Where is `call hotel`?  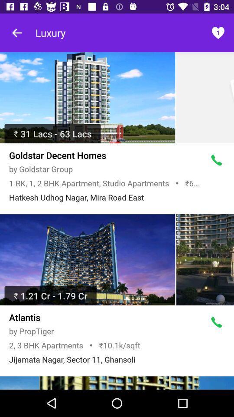 call hotel is located at coordinates (216, 322).